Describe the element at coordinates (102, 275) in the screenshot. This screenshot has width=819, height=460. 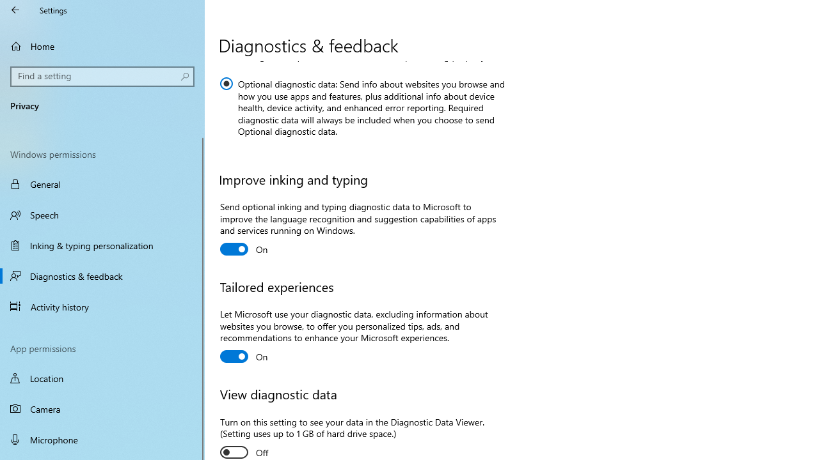
I see `'Diagnostics & feedback'` at that location.